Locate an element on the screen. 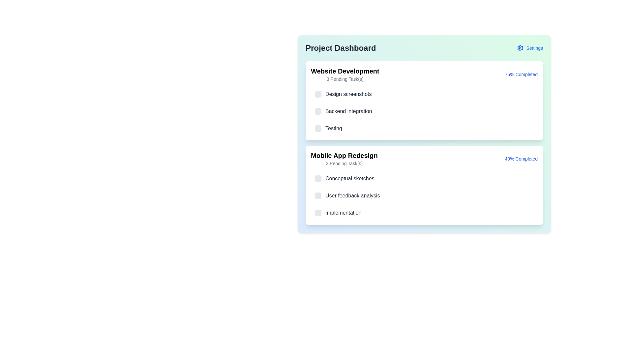  the Text Label that indicates the number of pending tasks, which is located beneath the title 'Mobile App Redesign' in the lower project card of the dashboard is located at coordinates (344, 163).